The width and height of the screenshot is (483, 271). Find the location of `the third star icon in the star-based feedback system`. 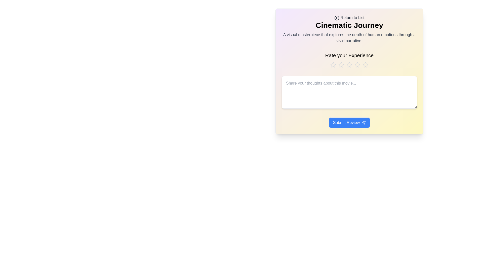

the third star icon in the star-based feedback system is located at coordinates (349, 64).